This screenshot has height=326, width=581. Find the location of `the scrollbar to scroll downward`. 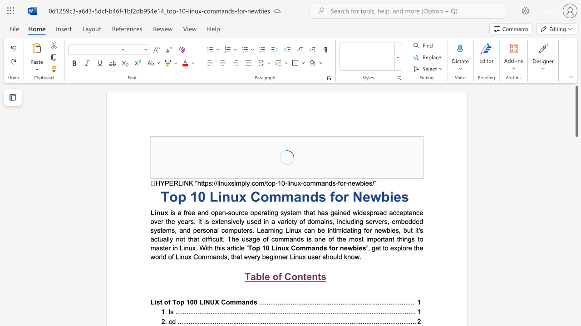

the scrollbar to scroll downward is located at coordinates (576, 213).